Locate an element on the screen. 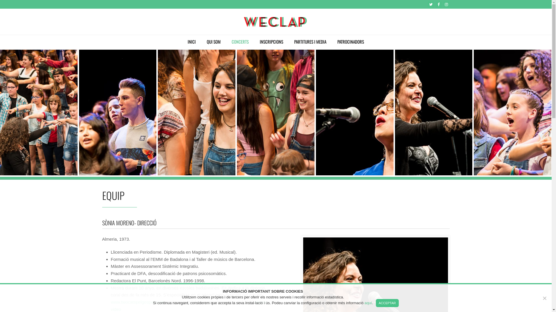 This screenshot has height=312, width=556. 'PARTITURES I MEDIA' is located at coordinates (310, 42).